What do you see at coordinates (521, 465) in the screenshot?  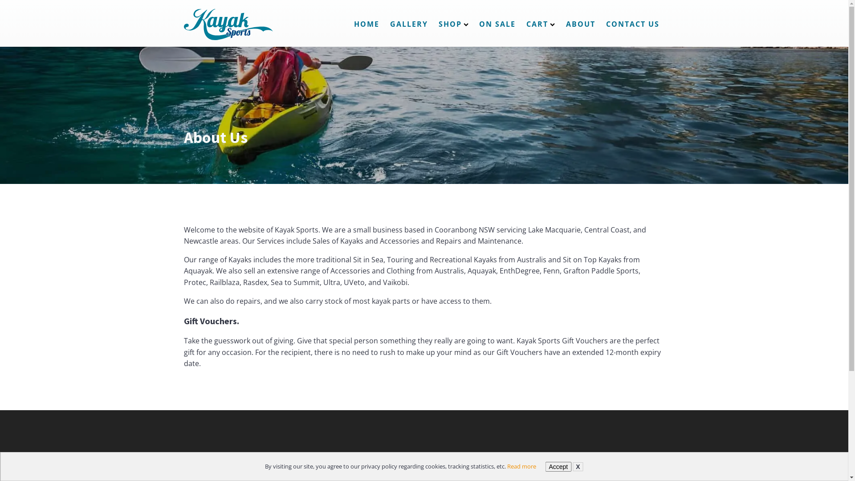 I see `'Read more'` at bounding box center [521, 465].